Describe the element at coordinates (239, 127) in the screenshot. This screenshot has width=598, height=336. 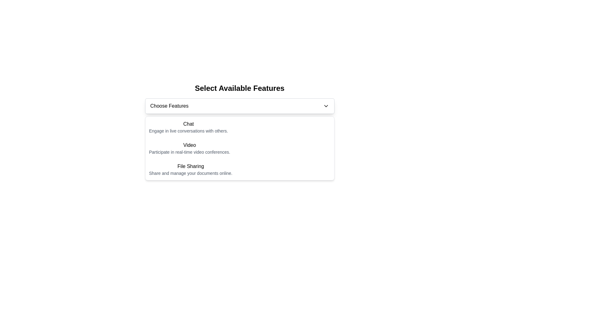
I see `the first selectable list item titled 'Chat' in the dropdown menu` at that location.